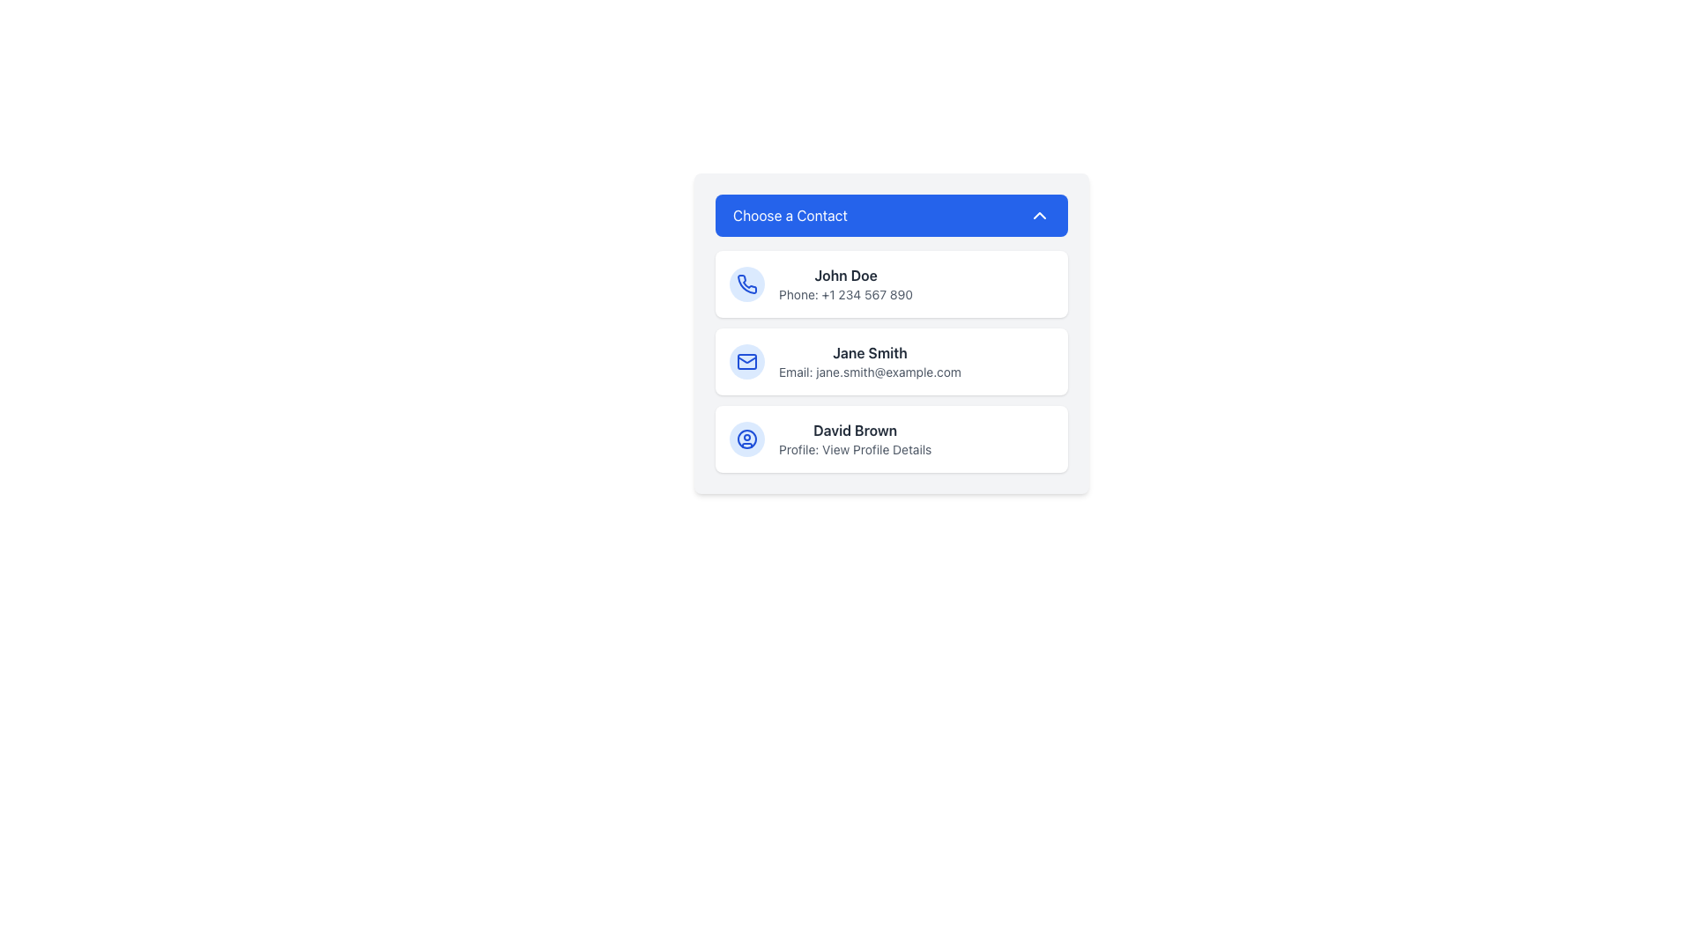 Image resolution: width=1692 pixels, height=951 pixels. What do you see at coordinates (855, 431) in the screenshot?
I see `the text label displaying 'David Brown' in bold gray font, which is positioned at the top of its informational card` at bounding box center [855, 431].